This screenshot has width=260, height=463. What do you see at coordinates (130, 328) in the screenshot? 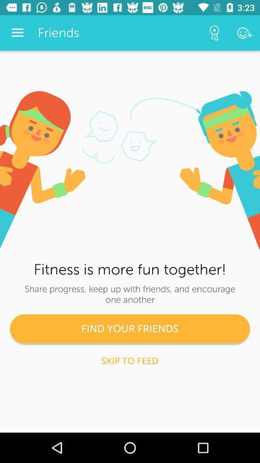
I see `item above skip to feed item` at bounding box center [130, 328].